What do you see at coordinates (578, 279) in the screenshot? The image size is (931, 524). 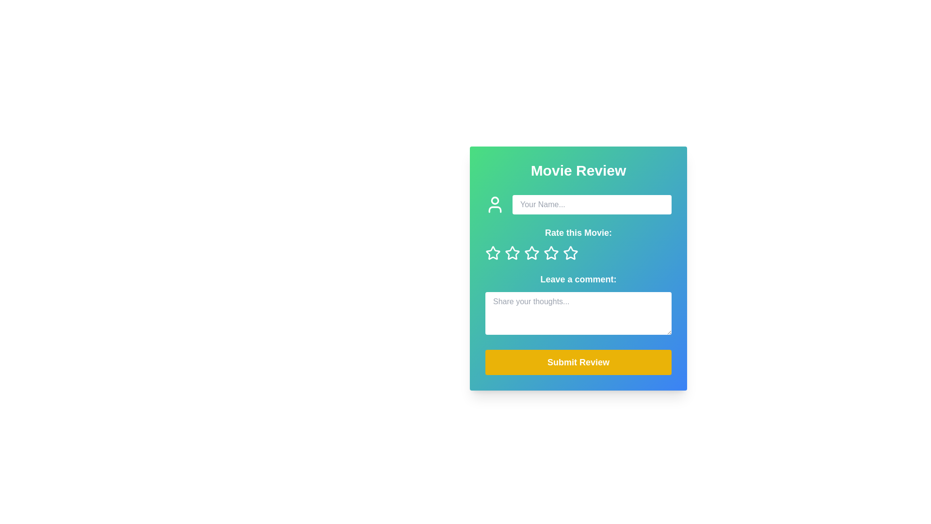 I see `the text label that reads 'Leave a comment:' which is positioned below the star rating icons and above the text input box` at bounding box center [578, 279].